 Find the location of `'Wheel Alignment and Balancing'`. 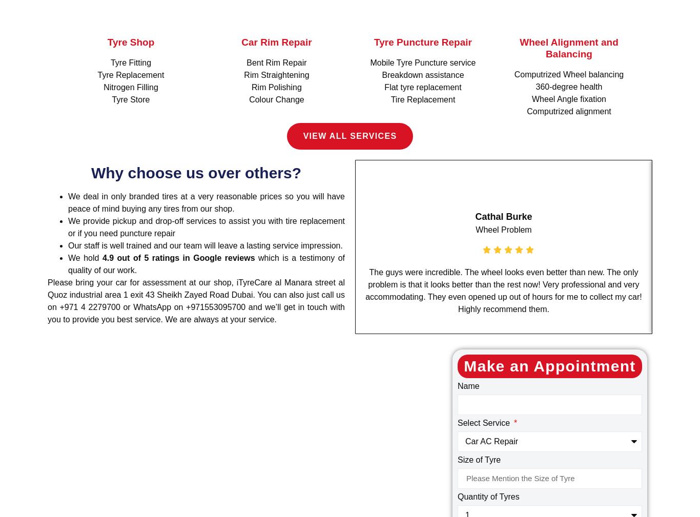

'Wheel Alignment and Balancing' is located at coordinates (519, 48).